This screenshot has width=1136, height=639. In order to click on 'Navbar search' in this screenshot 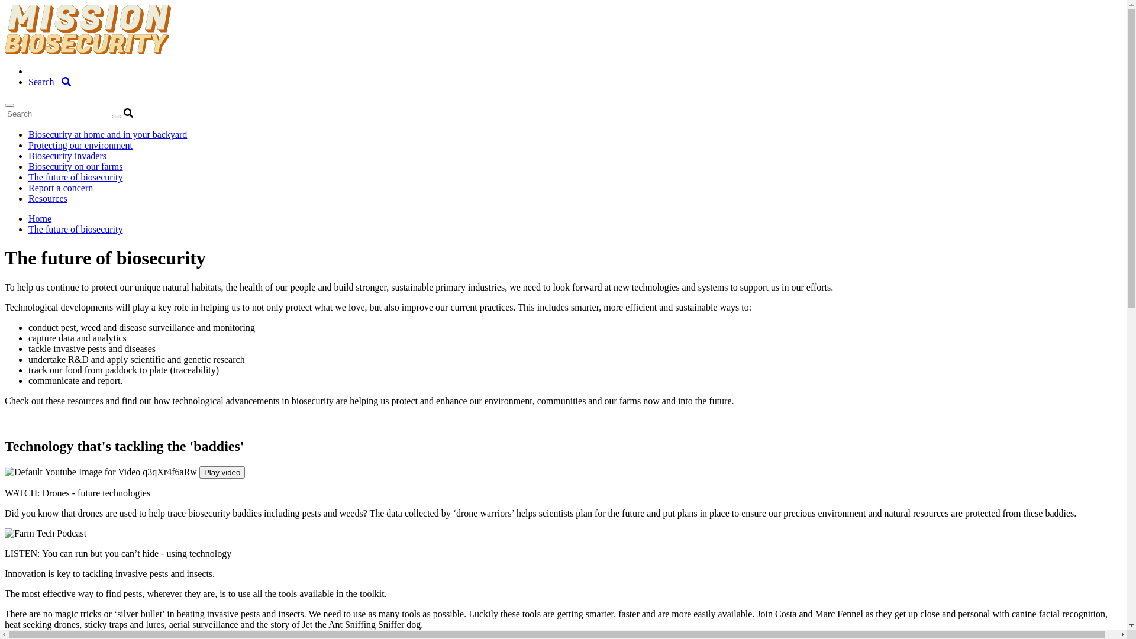, I will do `click(563, 114)`.